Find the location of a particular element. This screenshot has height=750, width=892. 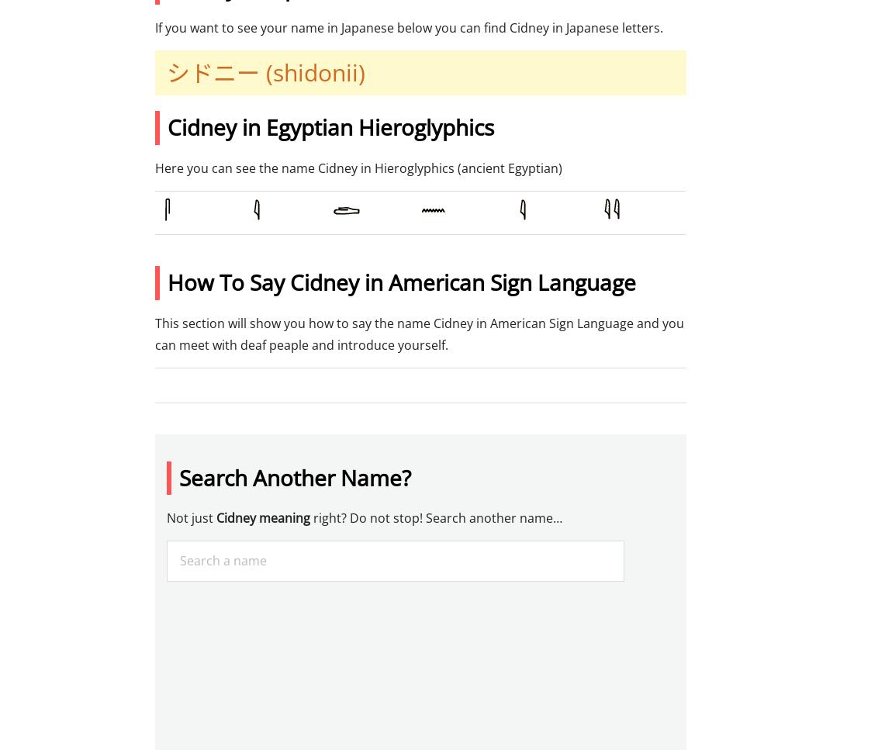

'Here you can see the name Cidney in Hieroglyphics (ancient Egyptian)' is located at coordinates (358, 167).